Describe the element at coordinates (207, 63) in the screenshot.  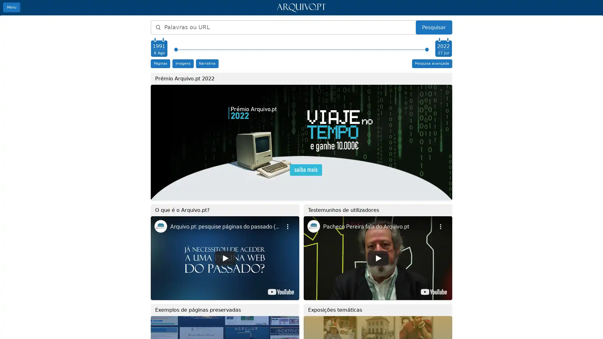
I see `Narrativa` at that location.